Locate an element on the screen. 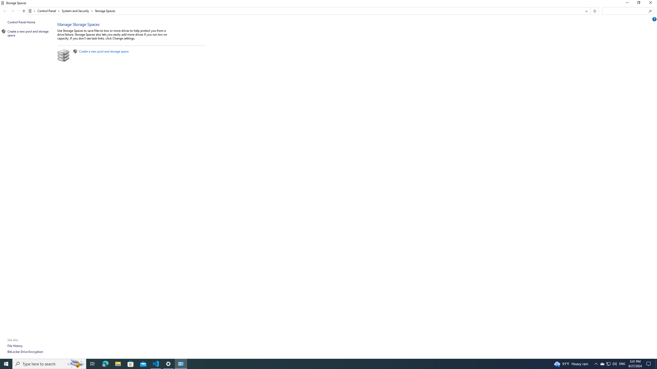  'Search Box' is located at coordinates (625, 11).